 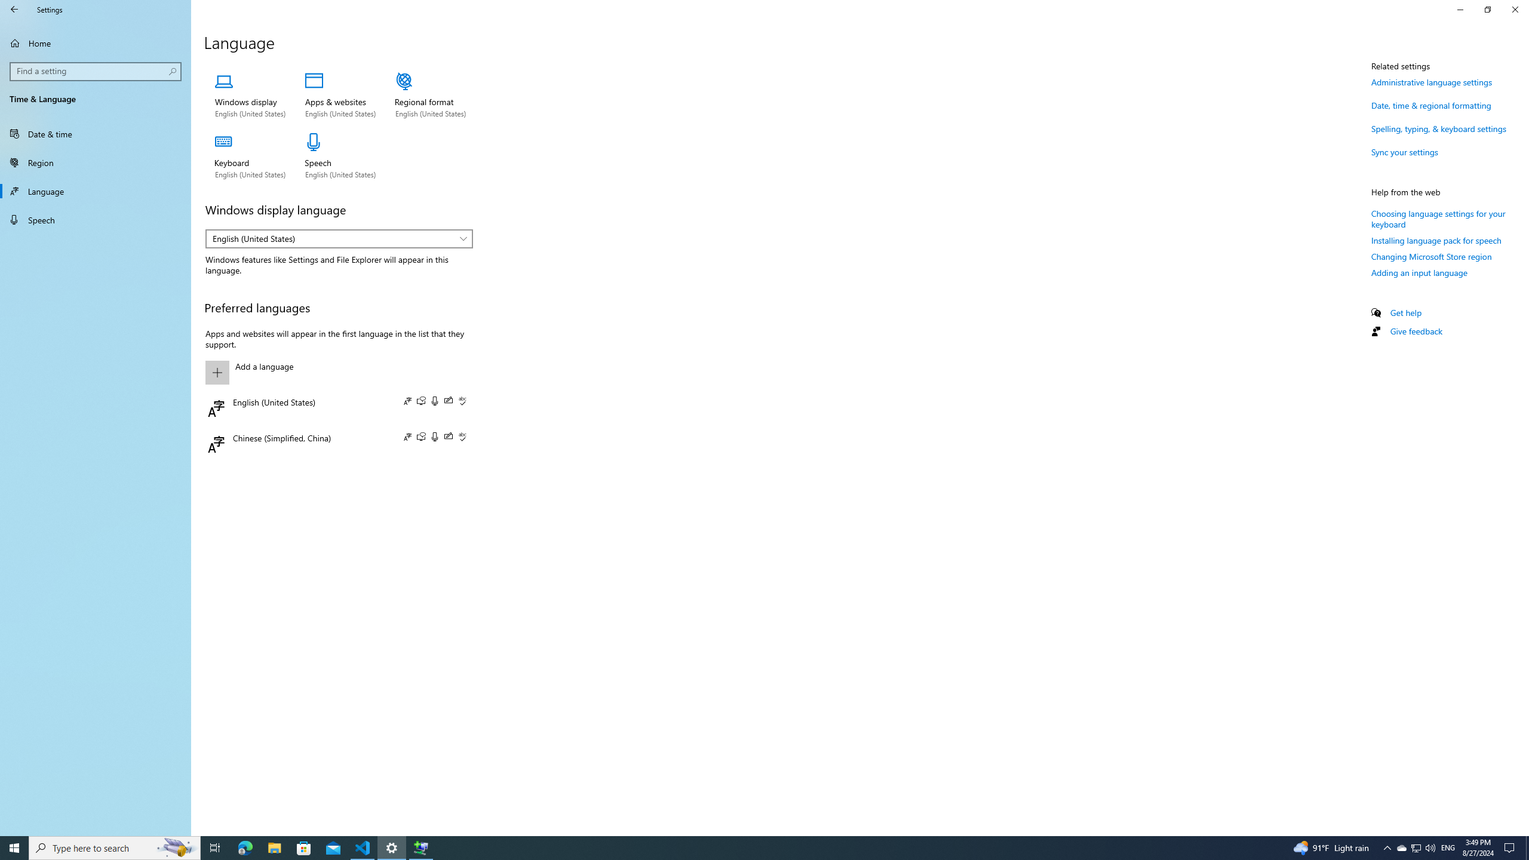 I want to click on 'Back', so click(x=14, y=9).